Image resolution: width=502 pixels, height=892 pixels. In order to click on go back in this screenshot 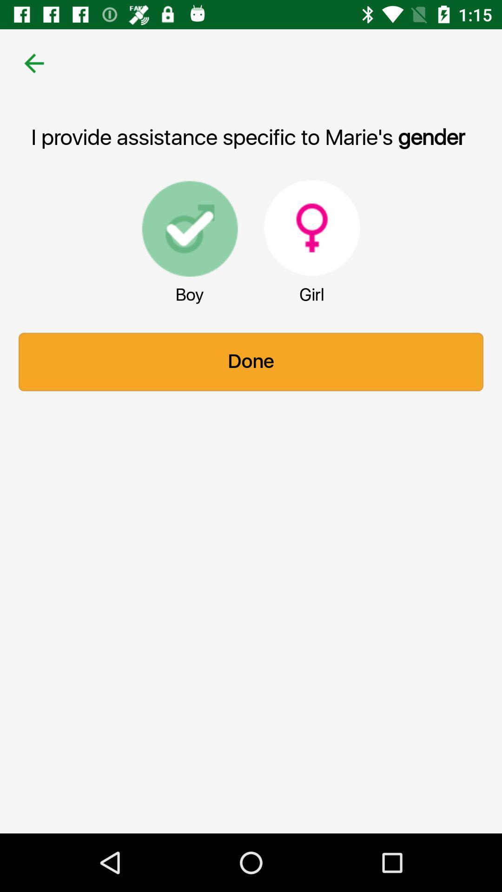, I will do `click(33, 63)`.